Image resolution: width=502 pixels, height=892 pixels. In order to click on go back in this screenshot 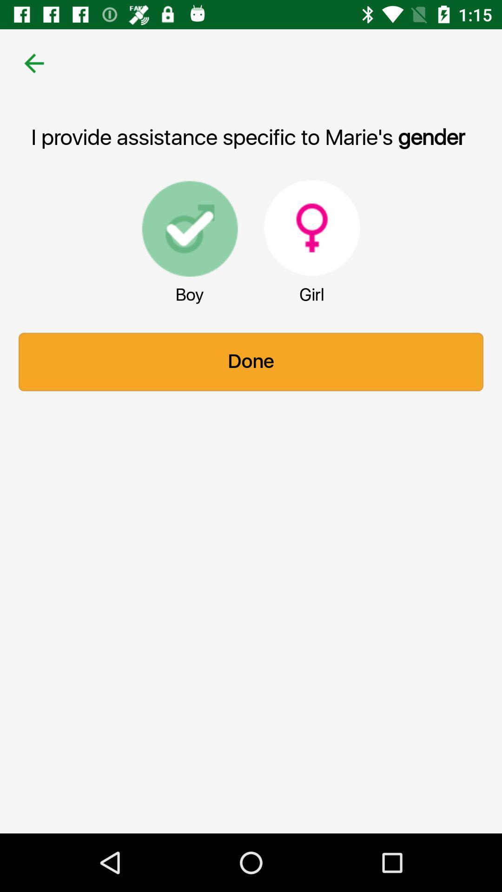, I will do `click(33, 63)`.